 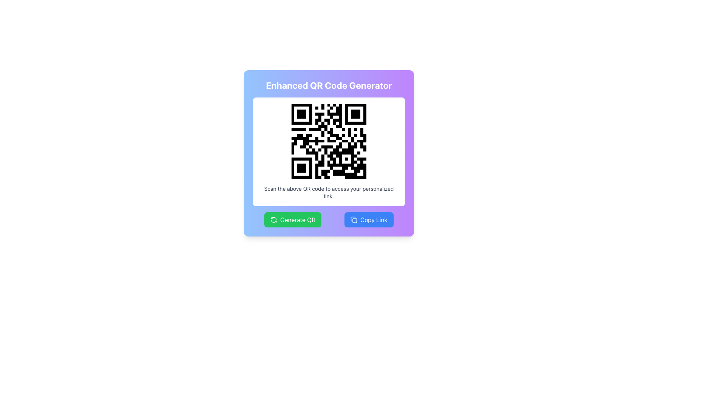 I want to click on text 'Scan the above QR code to access your personalized link.' displayed in a small, gray, center-aligned font below the QR code on the card, so click(x=329, y=192).